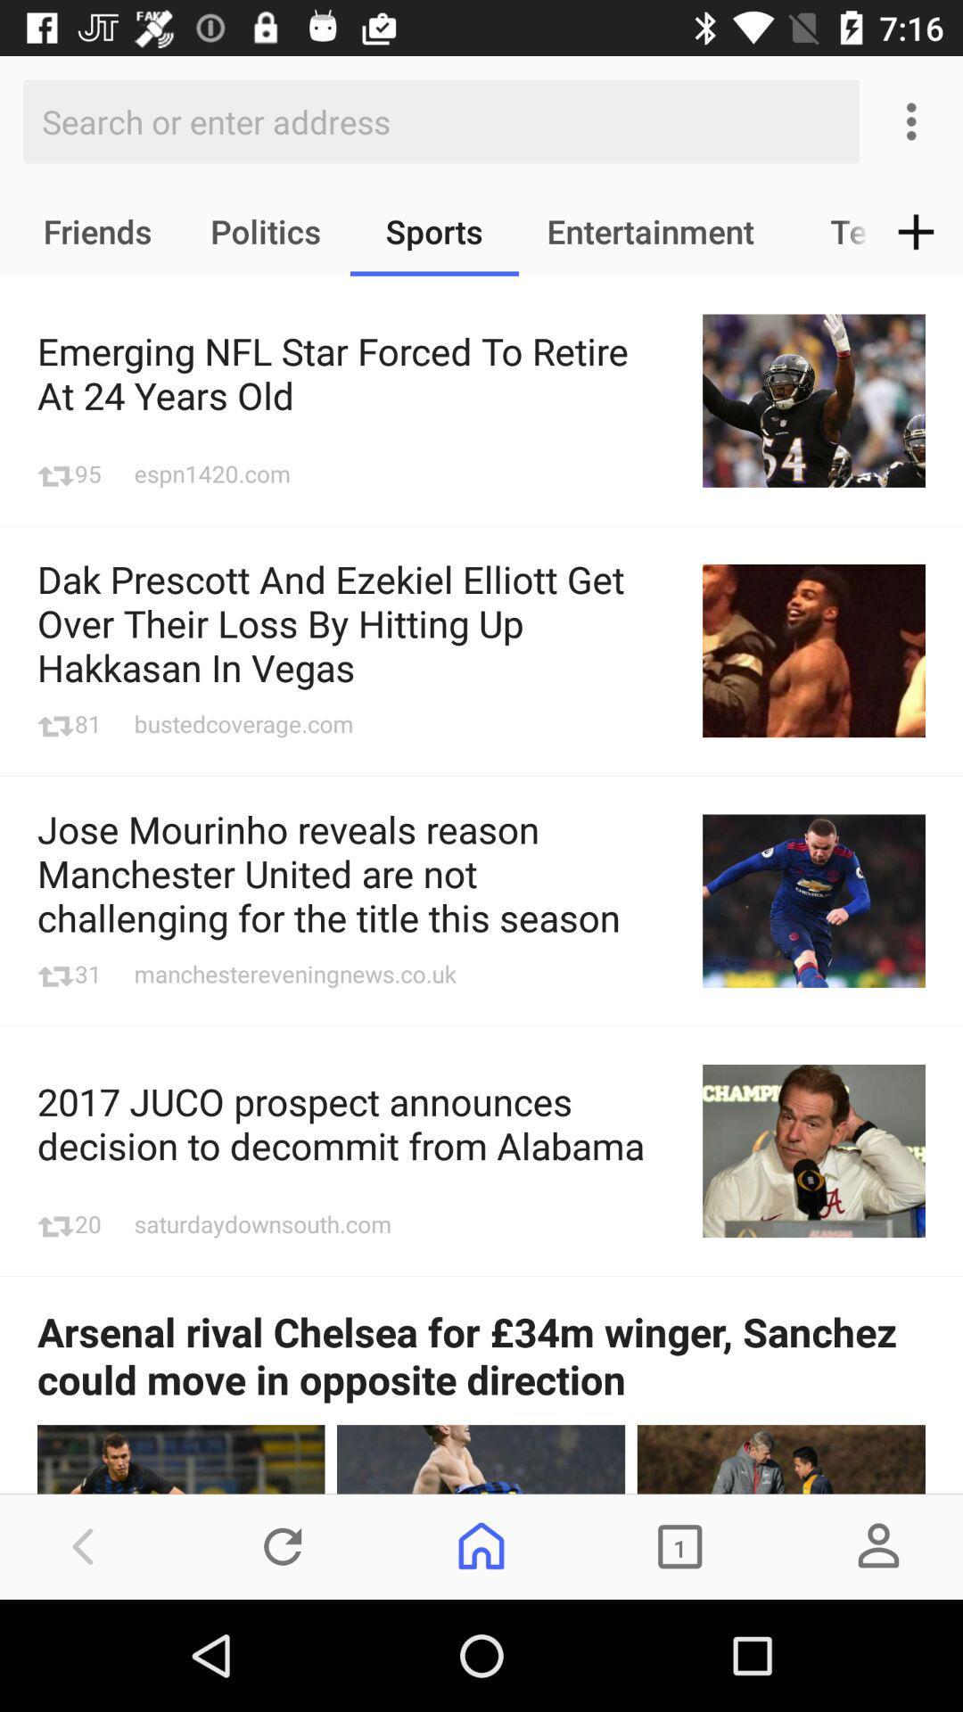 The height and width of the screenshot is (1712, 963). I want to click on the arrow_backward icon, so click(84, 1545).